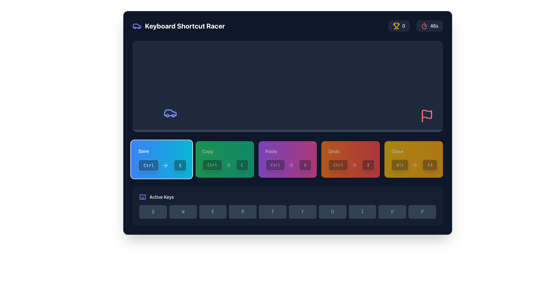  I want to click on the 'Ctrl' button in the Shortcut instruction display located in the 'Copy' section, which is styled with a rectangular shape and rounded edges, positioned between 'Save' and 'Paste', so click(224, 165).